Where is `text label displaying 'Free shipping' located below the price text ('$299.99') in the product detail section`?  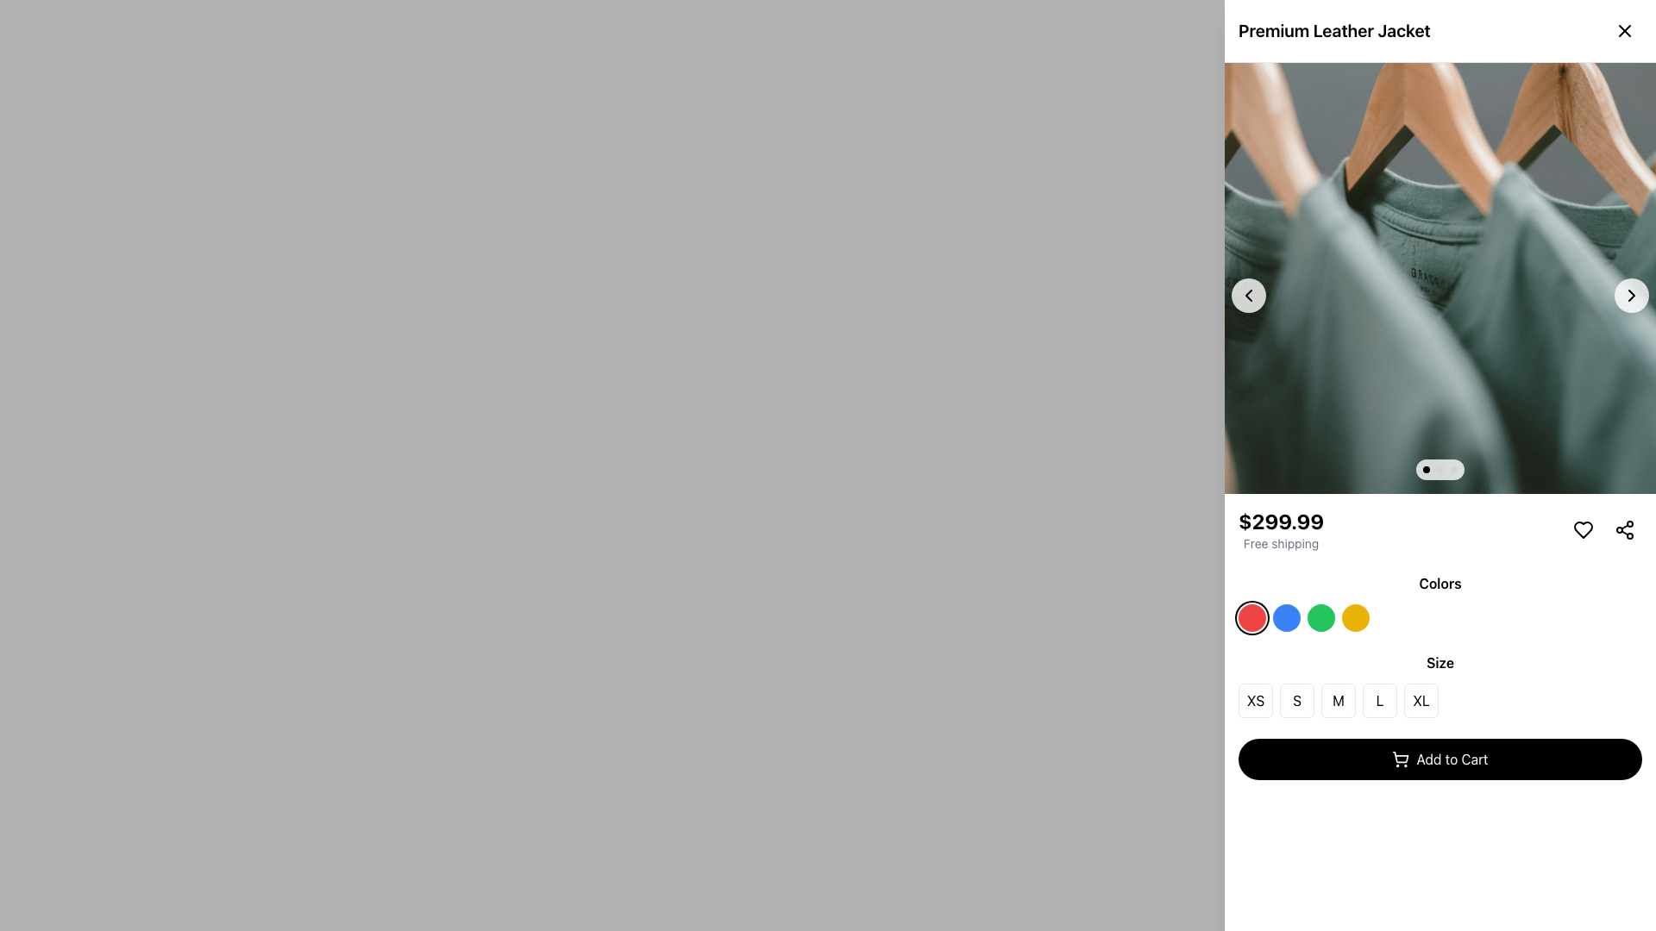
text label displaying 'Free shipping' located below the price text ('$299.99') in the product detail section is located at coordinates (1281, 544).